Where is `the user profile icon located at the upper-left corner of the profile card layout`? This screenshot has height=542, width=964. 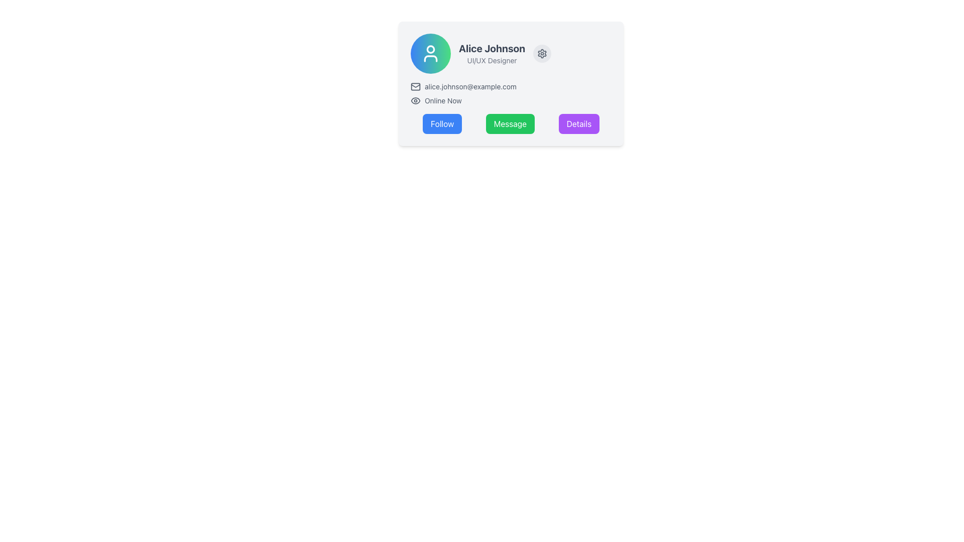
the user profile icon located at the upper-left corner of the profile card layout is located at coordinates (431, 54).